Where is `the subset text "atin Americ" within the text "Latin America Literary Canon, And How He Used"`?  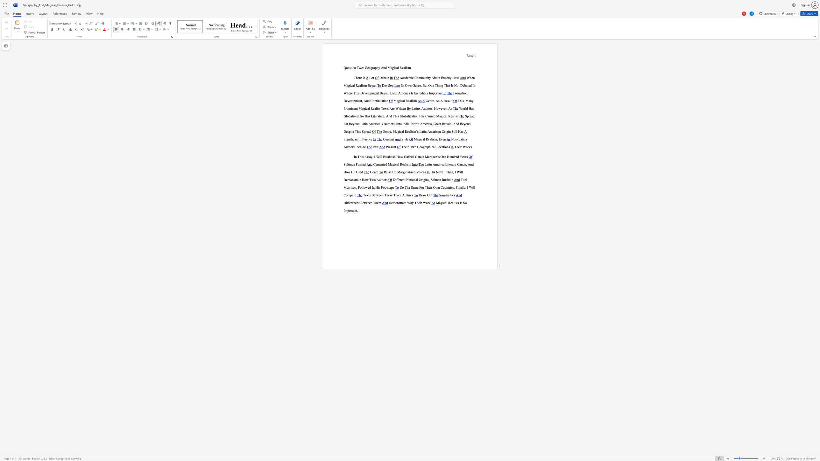
the subset text "atin Americ" within the text "Latin America Literary Canon, And How He Used" is located at coordinates (427, 164).